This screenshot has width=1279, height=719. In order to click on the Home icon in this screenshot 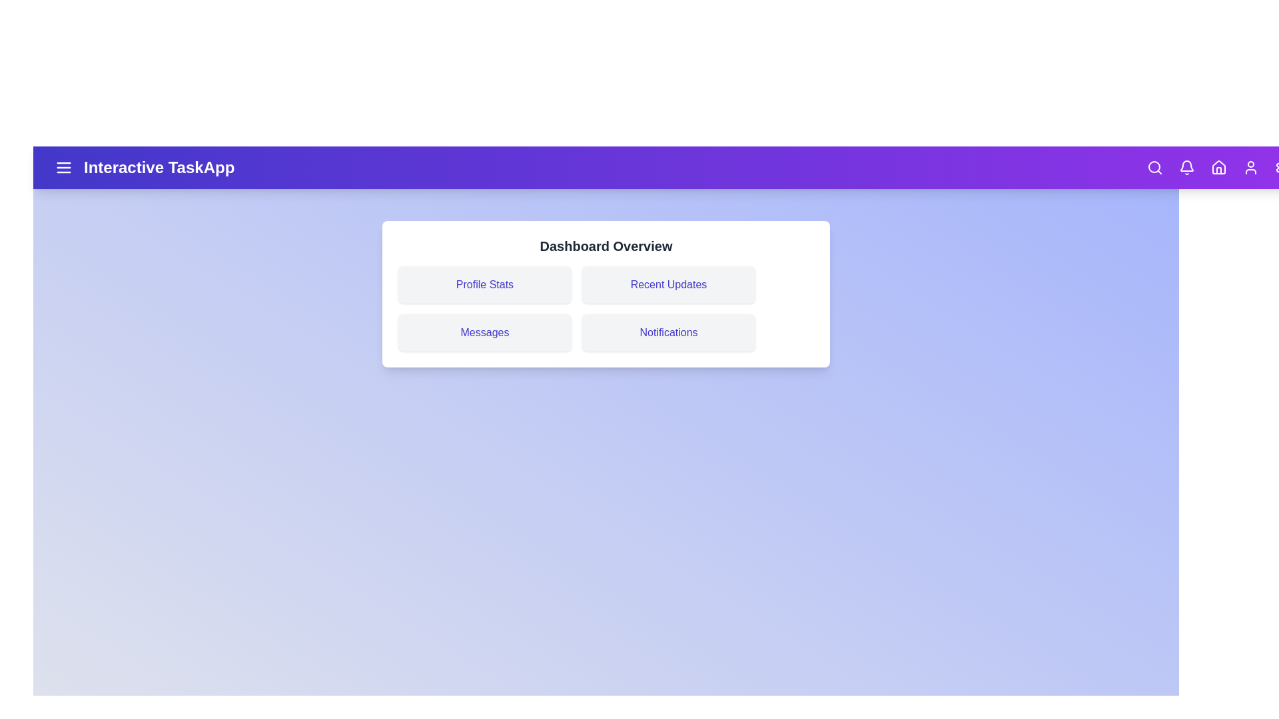, I will do `click(1218, 166)`.